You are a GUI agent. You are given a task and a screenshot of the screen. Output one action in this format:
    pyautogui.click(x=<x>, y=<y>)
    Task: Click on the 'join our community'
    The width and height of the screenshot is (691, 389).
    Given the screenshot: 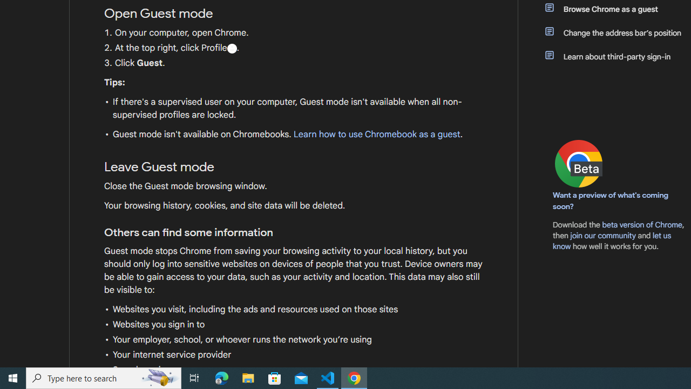 What is the action you would take?
    pyautogui.click(x=602, y=234)
    